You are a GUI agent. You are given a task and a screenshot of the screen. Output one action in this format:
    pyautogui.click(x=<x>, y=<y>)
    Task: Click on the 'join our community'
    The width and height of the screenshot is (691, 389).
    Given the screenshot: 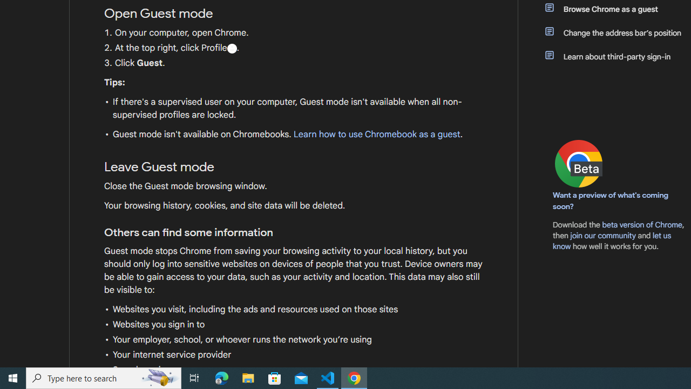 What is the action you would take?
    pyautogui.click(x=602, y=234)
    